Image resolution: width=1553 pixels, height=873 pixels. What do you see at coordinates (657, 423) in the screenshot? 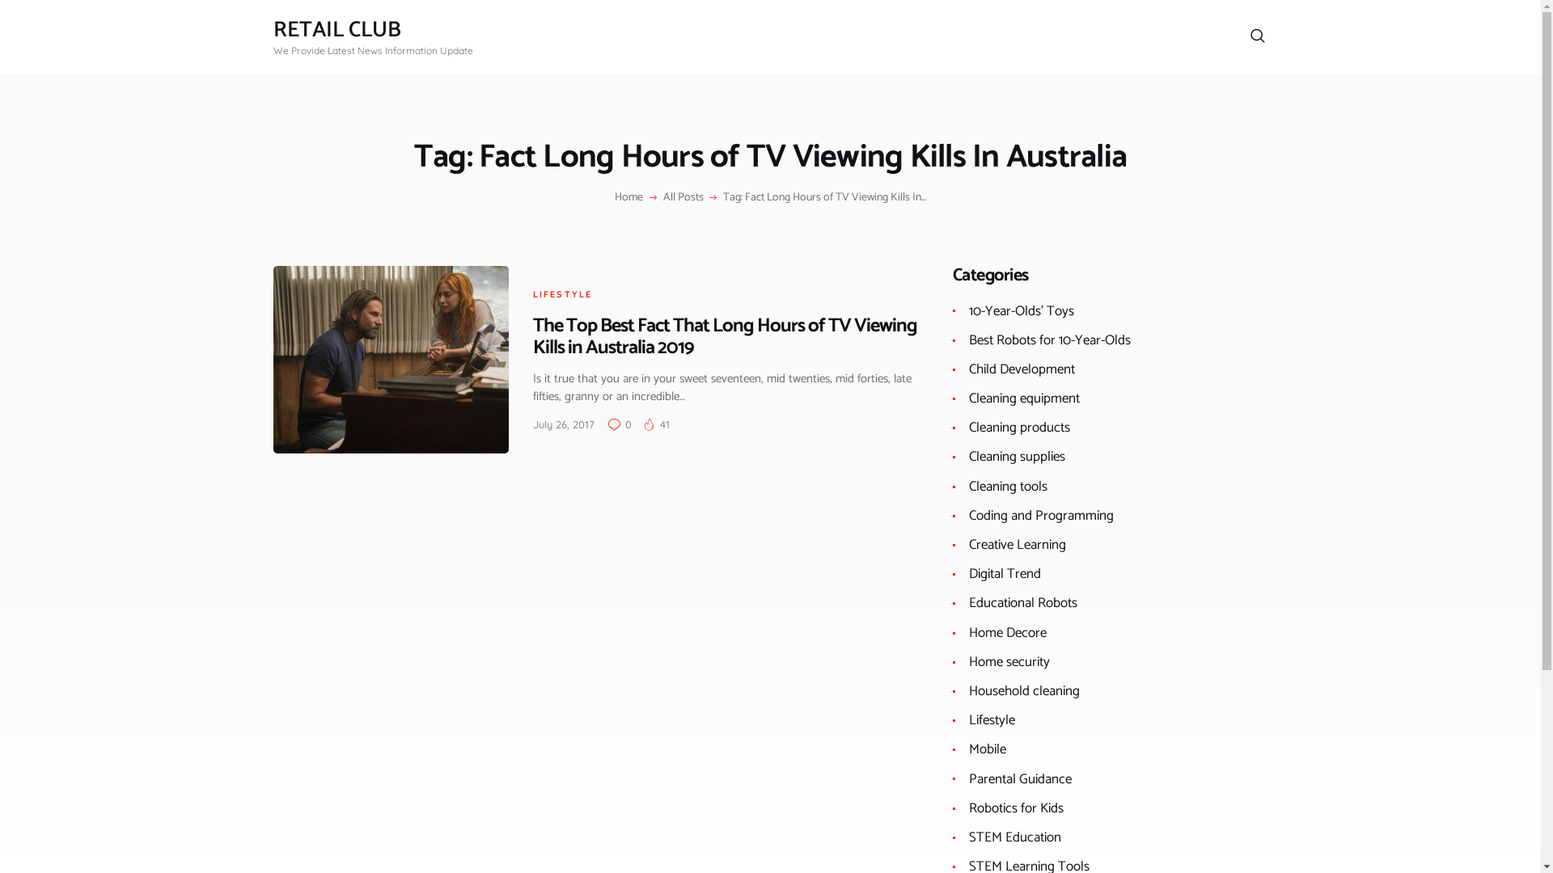
I see `'41'` at bounding box center [657, 423].